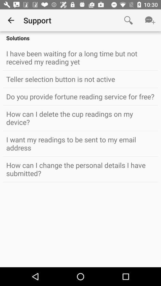 Image resolution: width=161 pixels, height=286 pixels. I want to click on the icon below the teller selection button, so click(80, 97).